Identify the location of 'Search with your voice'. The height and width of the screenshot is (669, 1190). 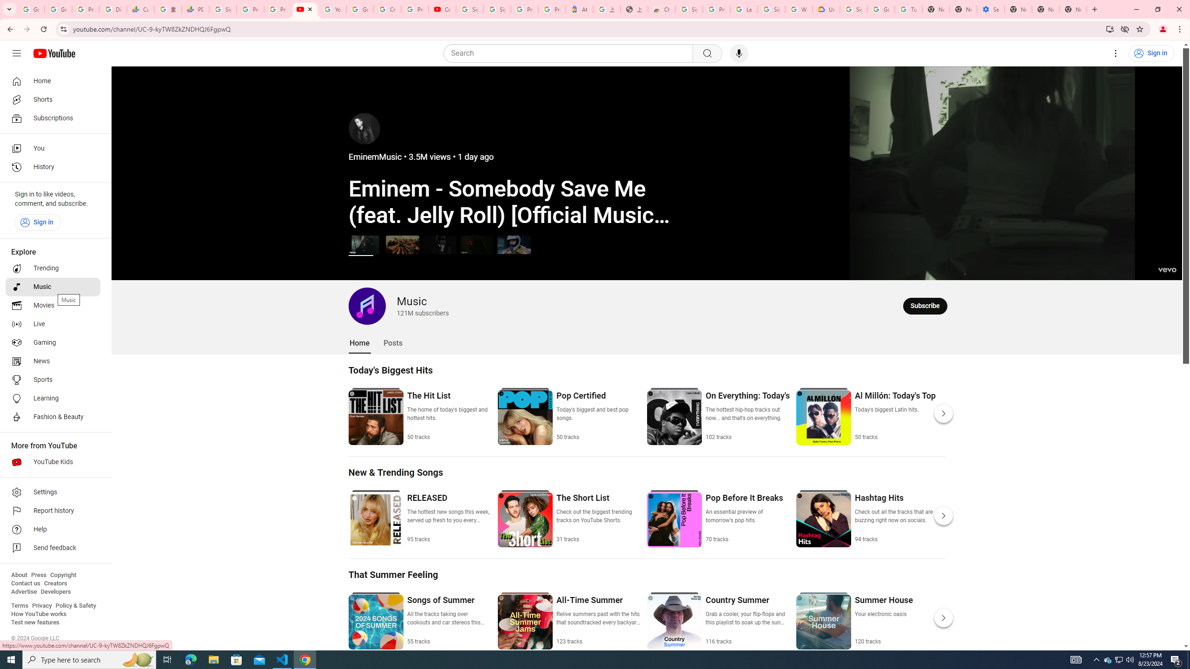
(739, 53).